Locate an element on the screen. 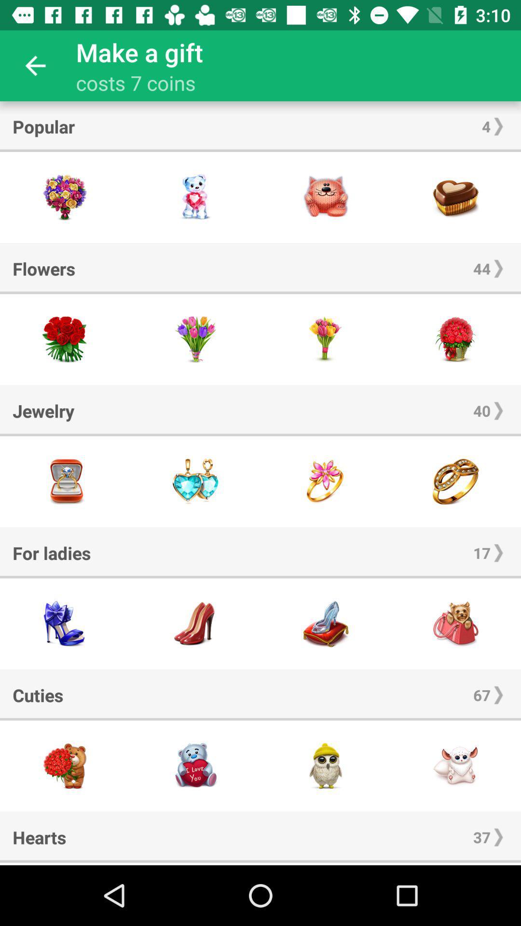 Image resolution: width=521 pixels, height=926 pixels. share the article is located at coordinates (326, 624).